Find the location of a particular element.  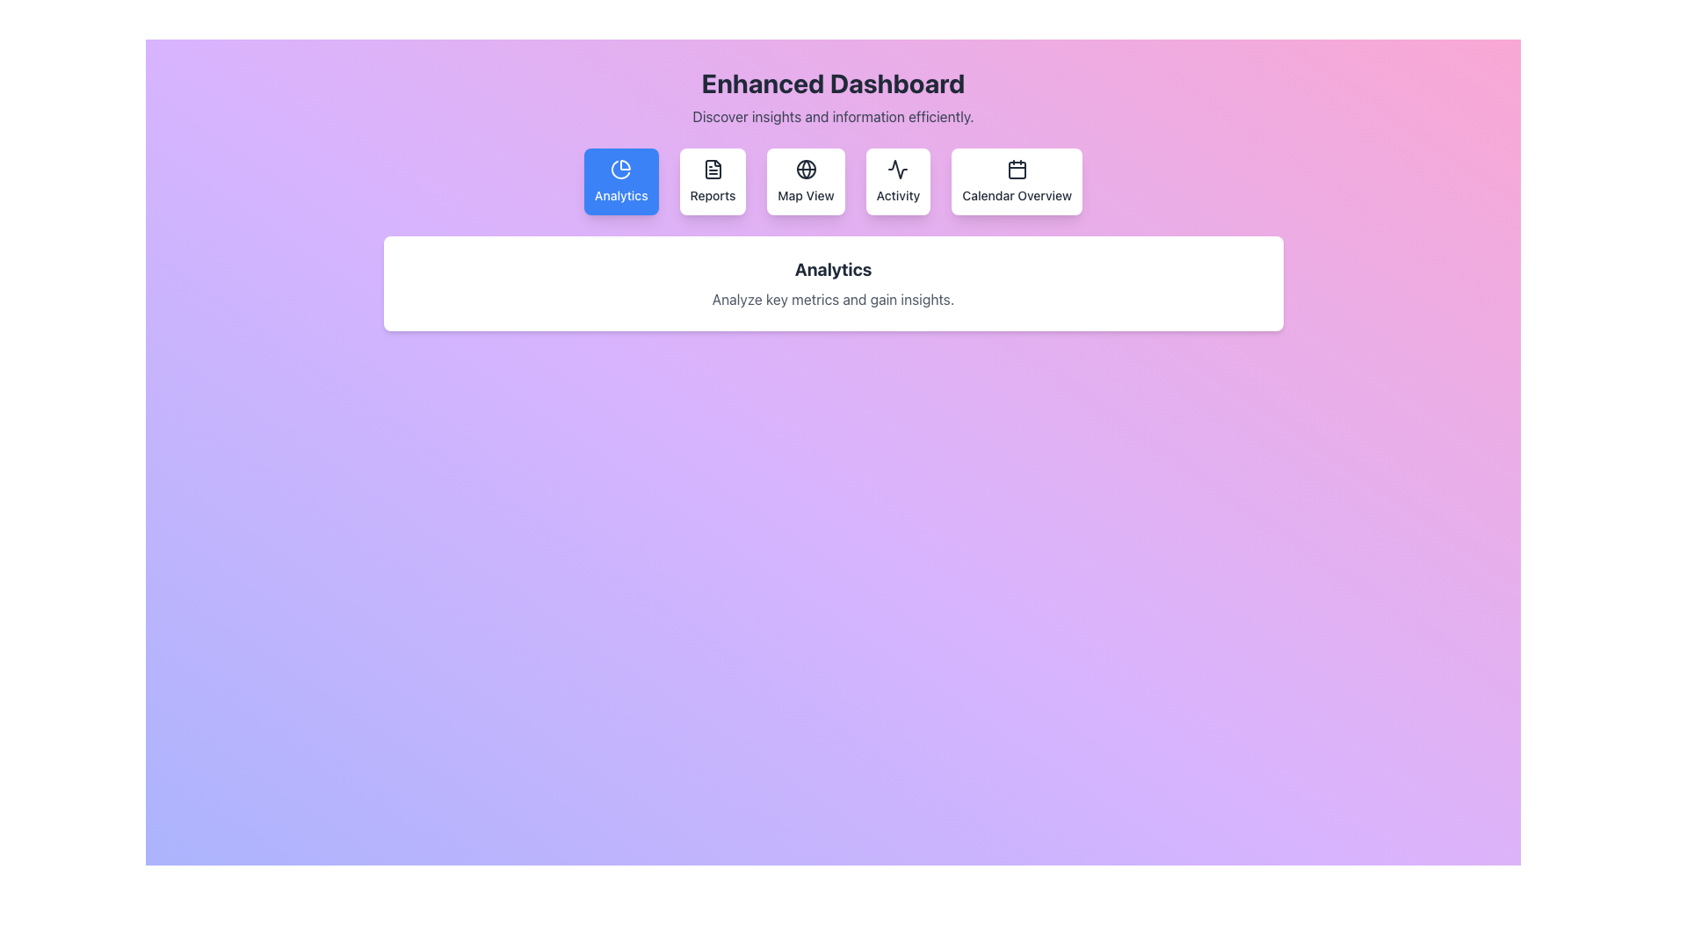

'Calendar Overview' label located below the calendar icon in the card component is located at coordinates (1017, 196).